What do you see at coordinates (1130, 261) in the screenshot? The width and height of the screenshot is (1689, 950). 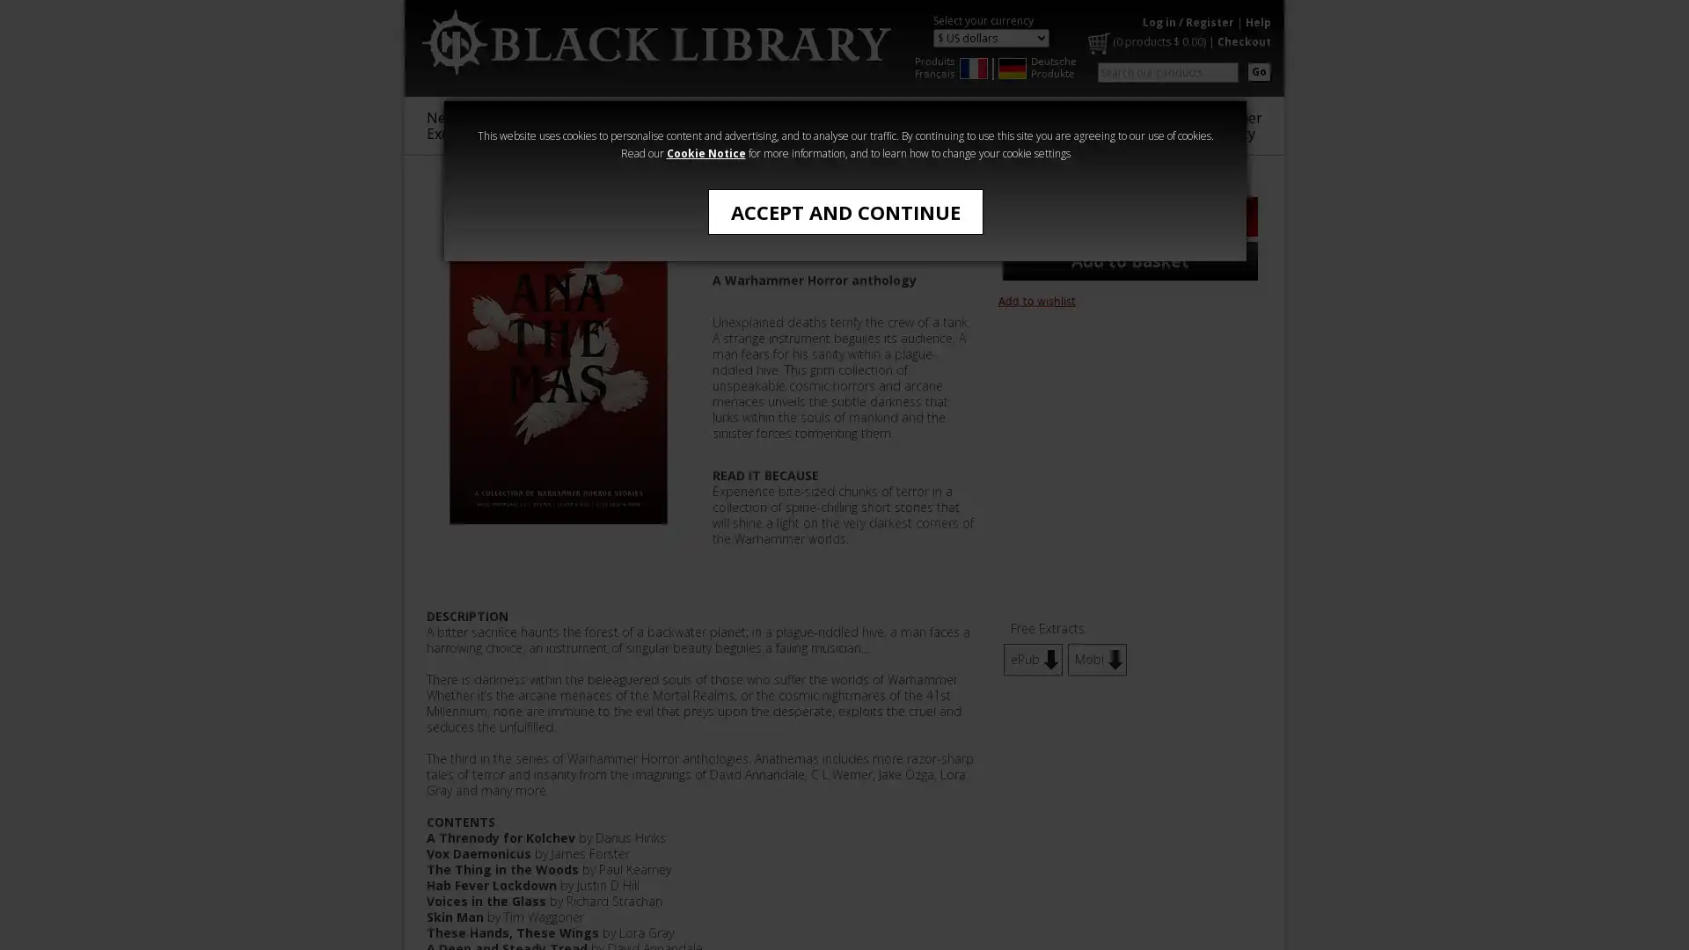 I see `Add to Basket` at bounding box center [1130, 261].